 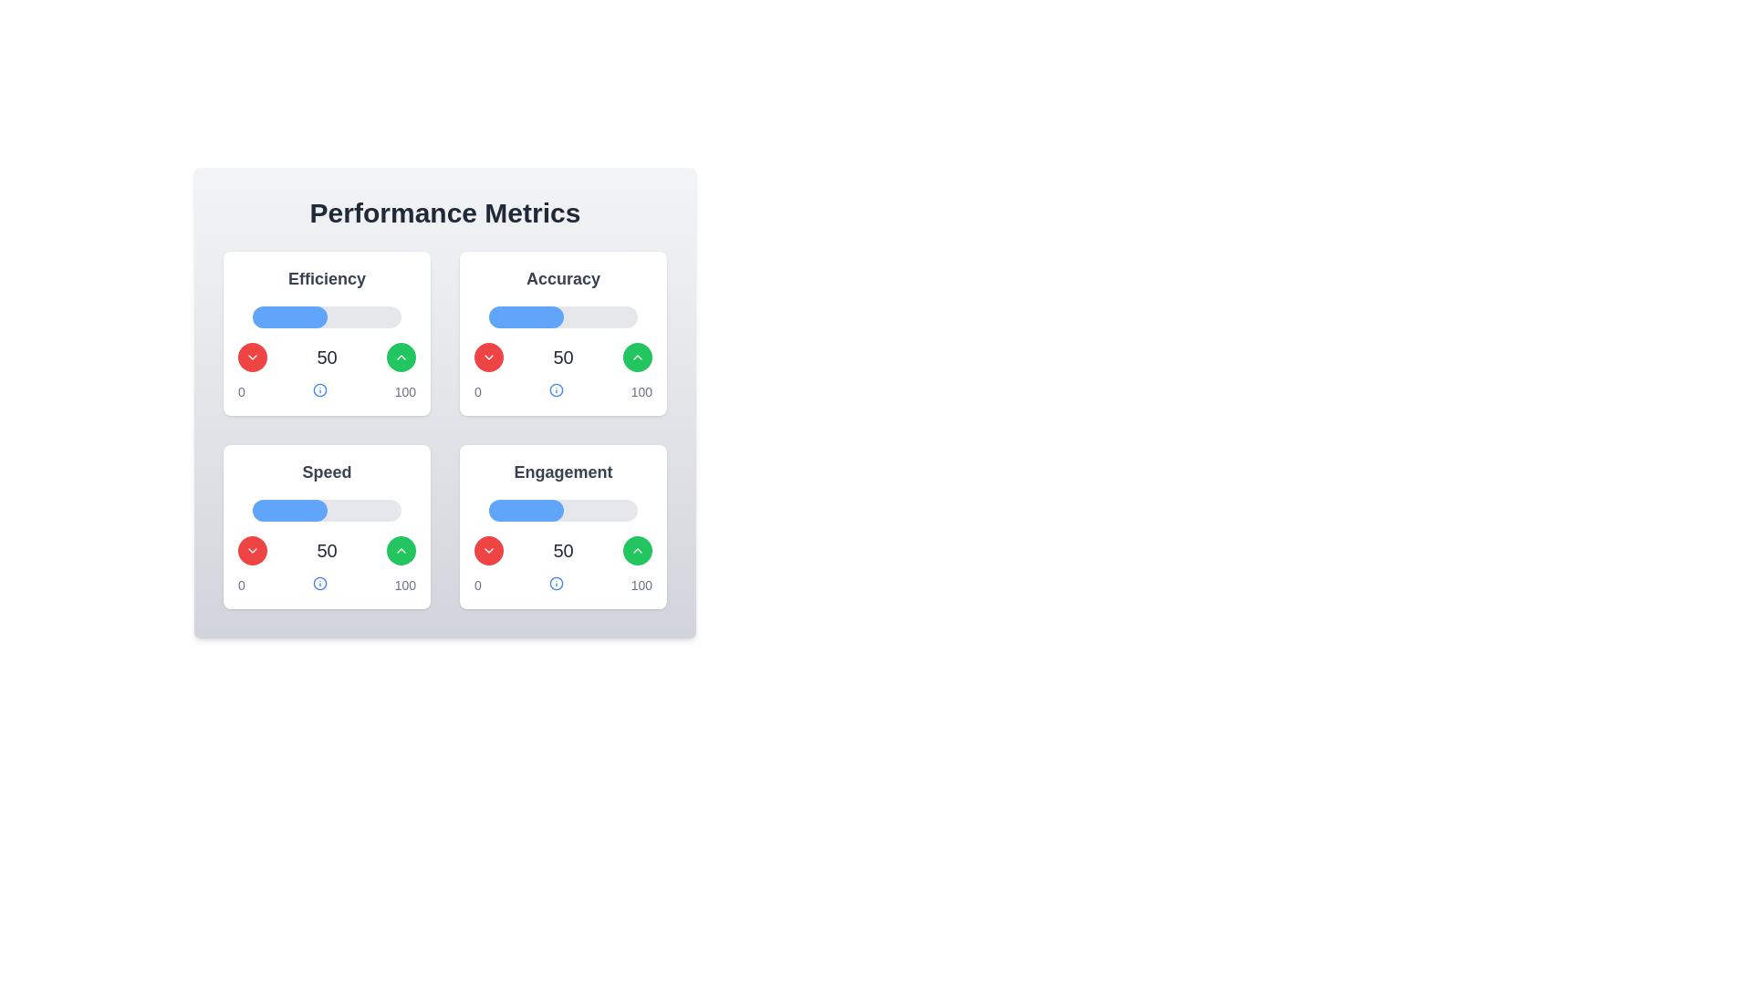 What do you see at coordinates (404, 585) in the screenshot?
I see `the static text numeral '100' displayed in grey color at the bottom-right of the performance metrics section under 'Engagement'` at bounding box center [404, 585].